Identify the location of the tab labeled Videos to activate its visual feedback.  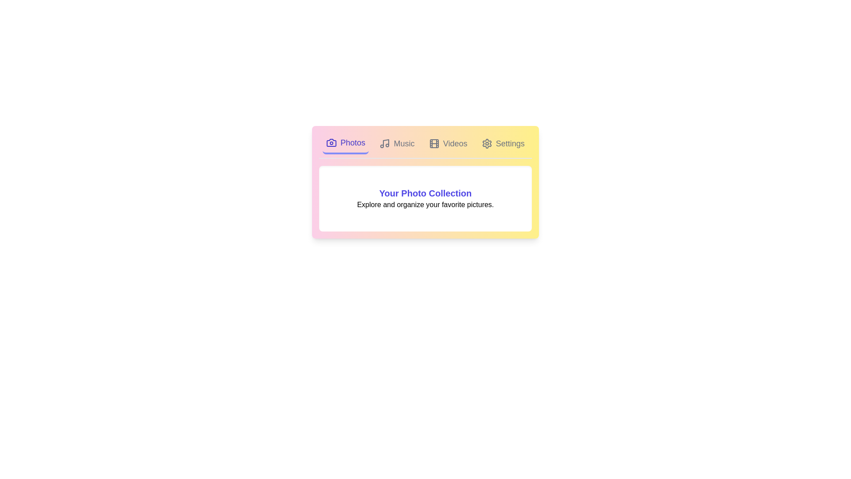
(448, 143).